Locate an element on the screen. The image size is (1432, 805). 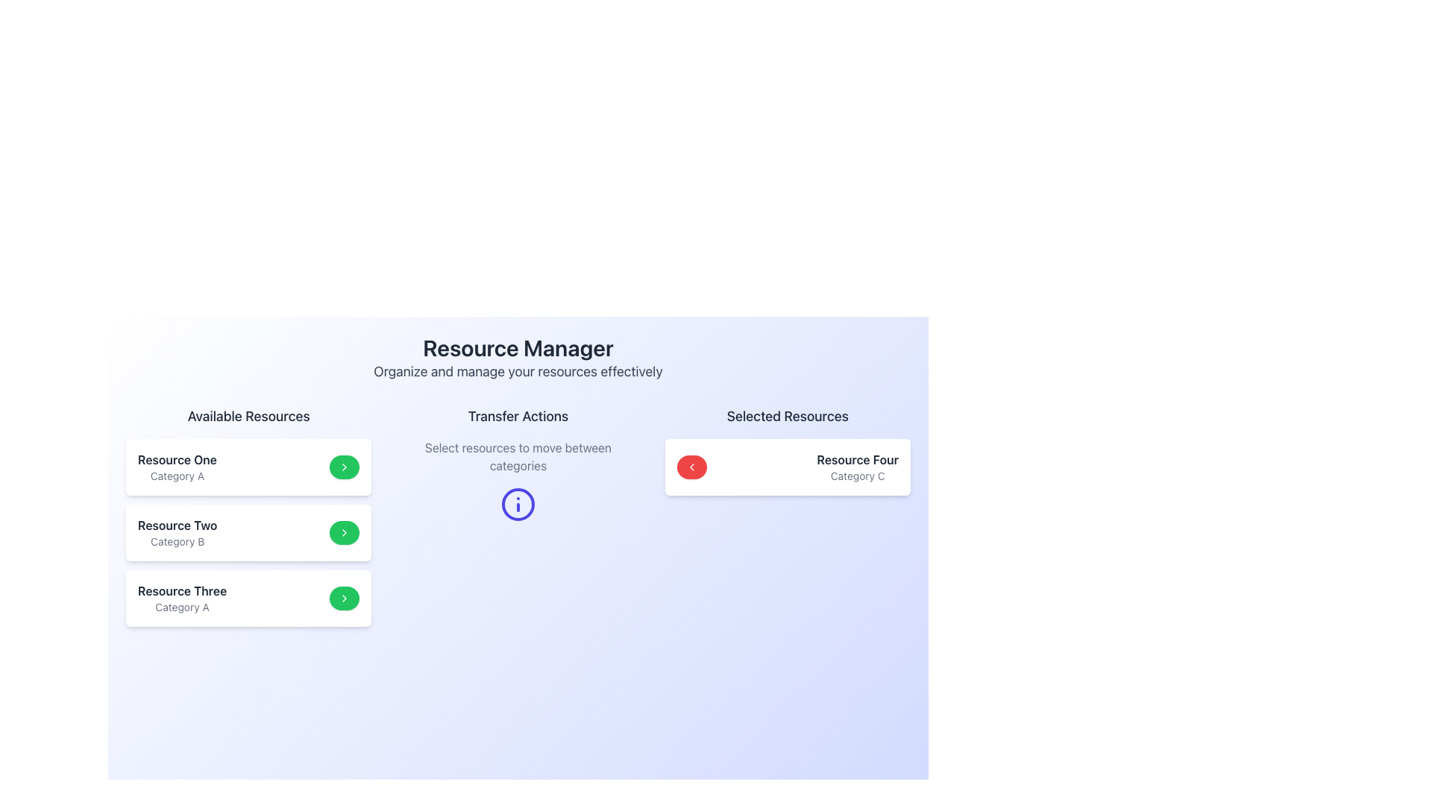
the textual display component representing 'Resource Two' categorized as 'Category B', which is the second of three similar components listed vertically under 'Available Resources' is located at coordinates (178, 531).